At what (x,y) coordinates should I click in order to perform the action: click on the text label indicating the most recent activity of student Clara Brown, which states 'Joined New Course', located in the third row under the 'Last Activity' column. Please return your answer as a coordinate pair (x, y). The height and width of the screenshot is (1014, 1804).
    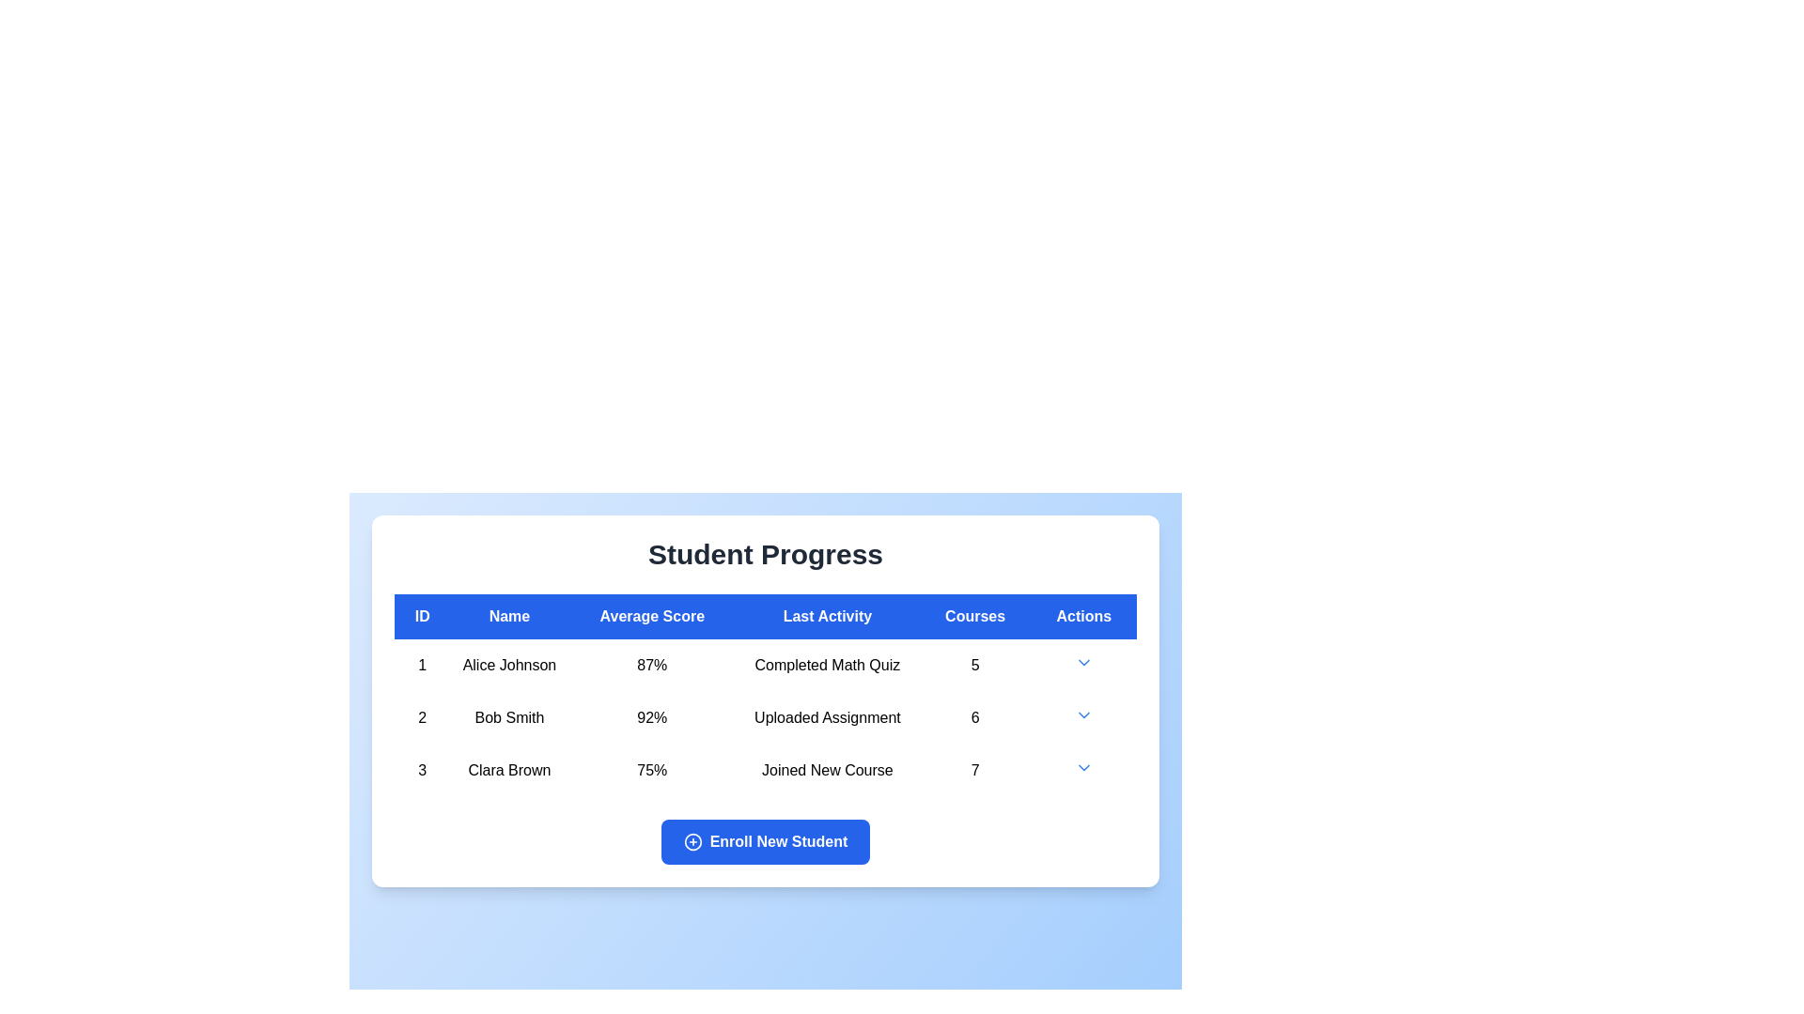
    Looking at the image, I should click on (827, 771).